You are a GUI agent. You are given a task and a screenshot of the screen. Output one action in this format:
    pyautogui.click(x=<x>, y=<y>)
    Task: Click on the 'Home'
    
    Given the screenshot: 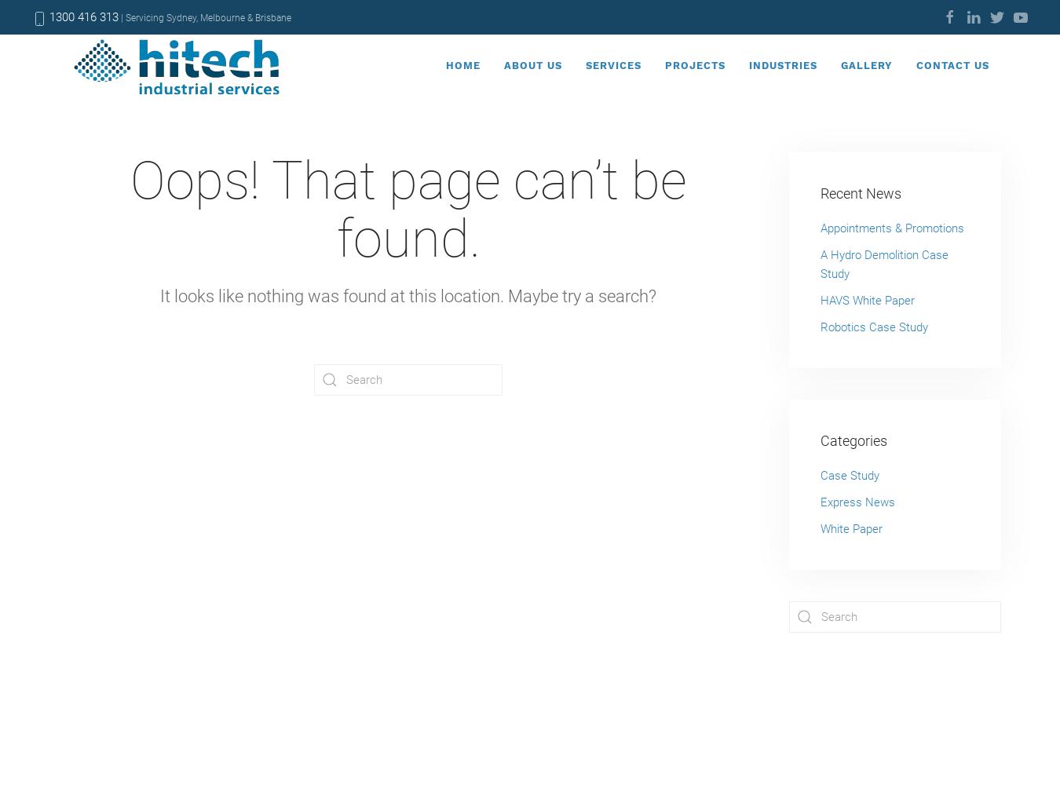 What is the action you would take?
    pyautogui.click(x=462, y=64)
    